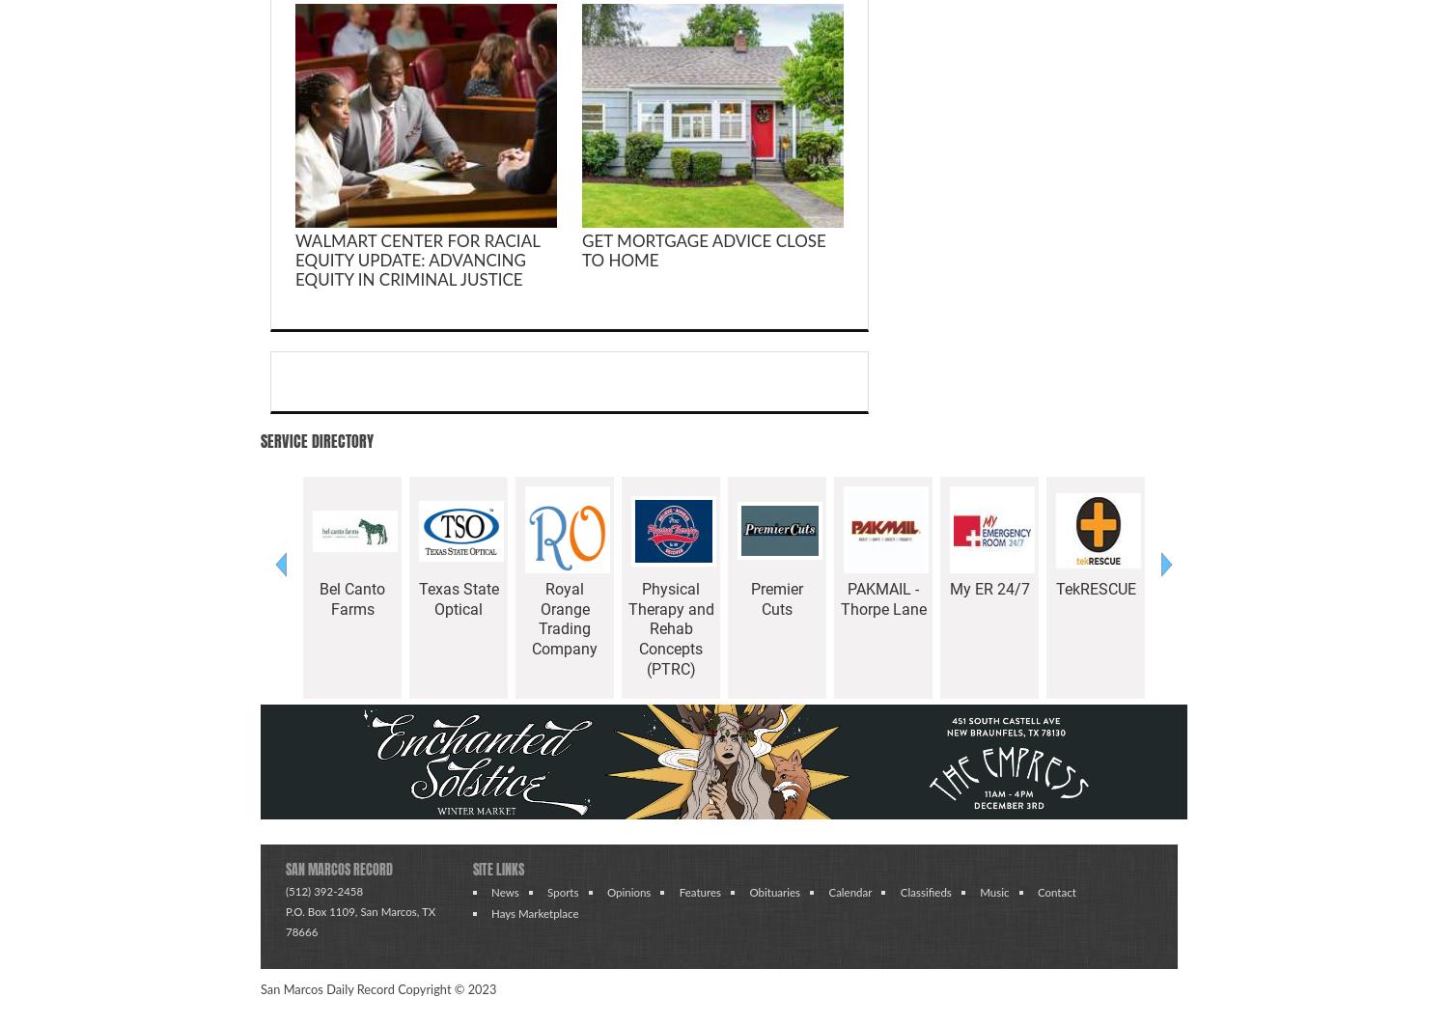 This screenshot has width=1448, height=1025. I want to click on 'Physical Therapy and Rehab Concepts (PTRC)', so click(669, 628).